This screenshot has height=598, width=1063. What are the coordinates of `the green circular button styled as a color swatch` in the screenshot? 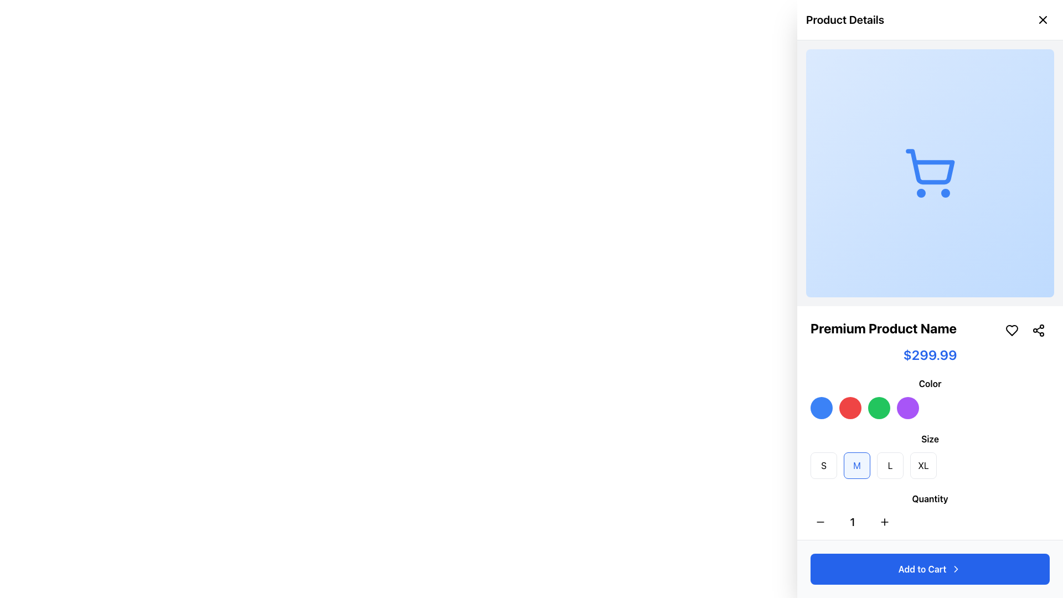 It's located at (879, 408).